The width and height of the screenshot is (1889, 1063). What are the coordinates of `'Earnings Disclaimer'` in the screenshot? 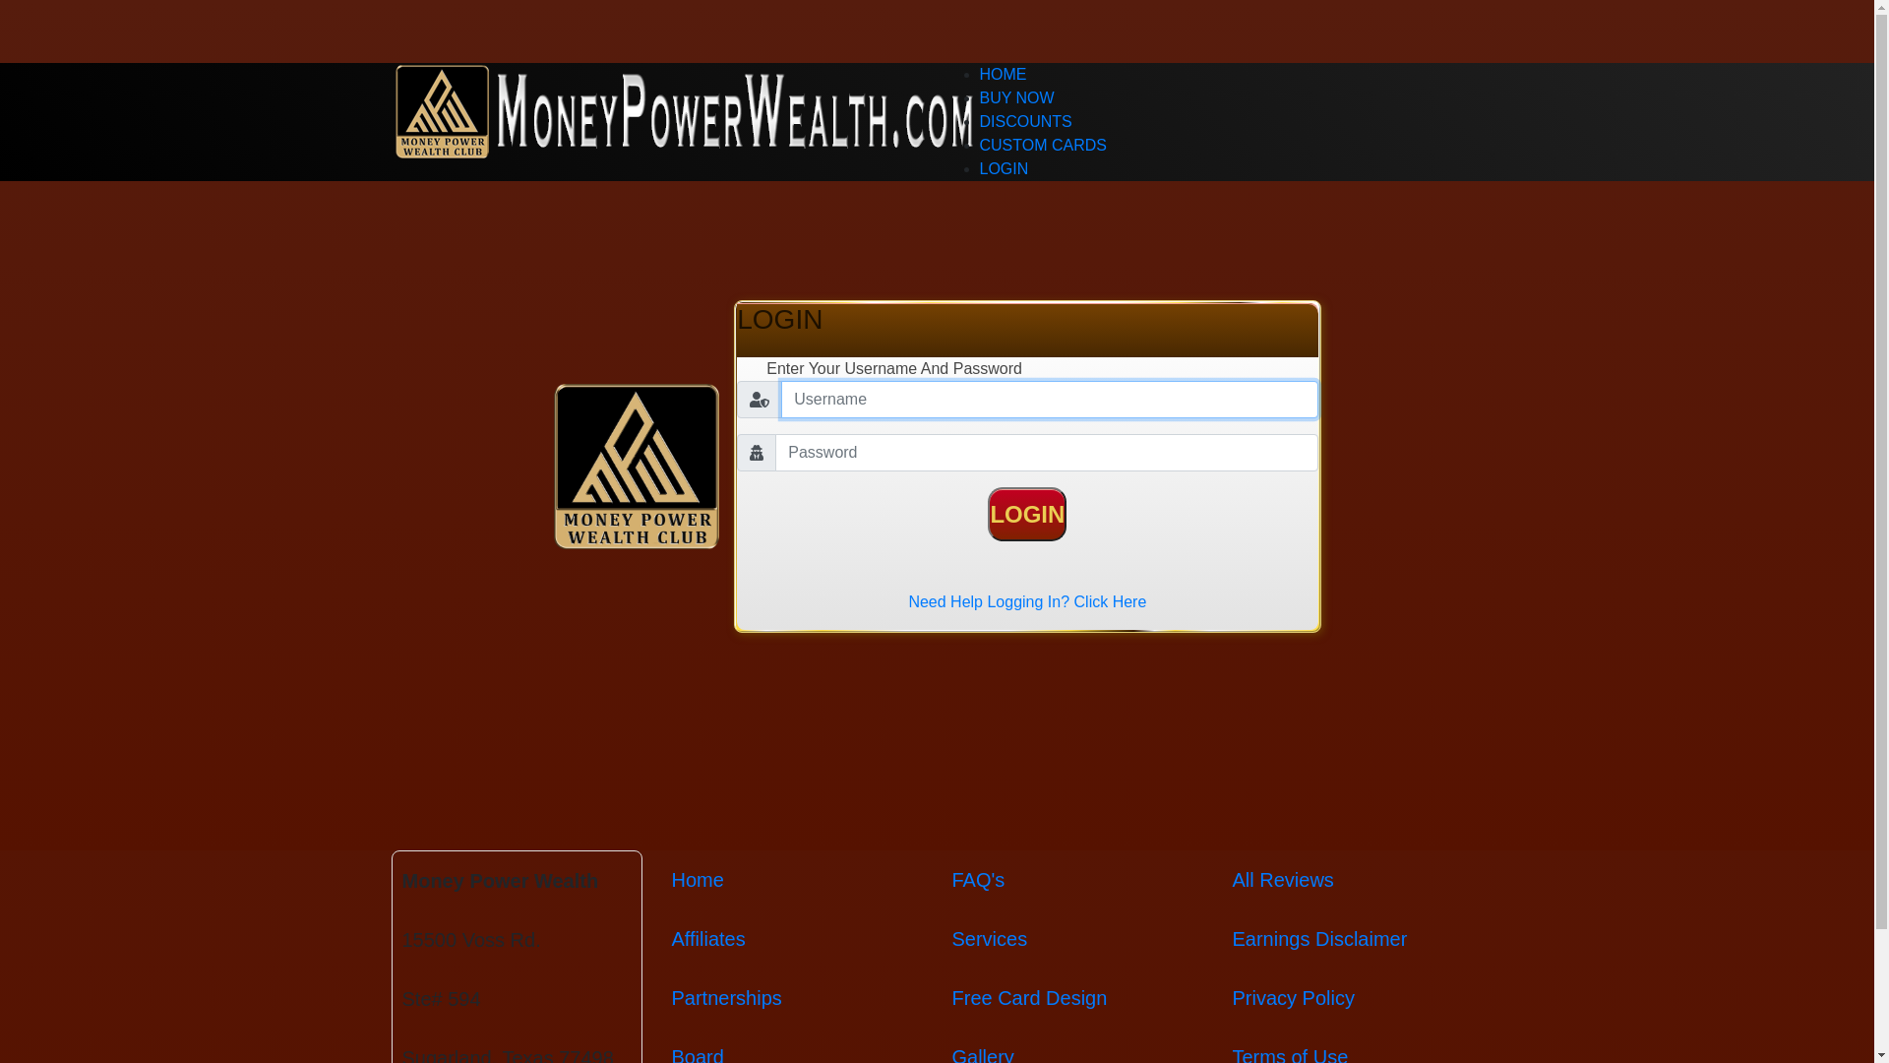 It's located at (1318, 937).